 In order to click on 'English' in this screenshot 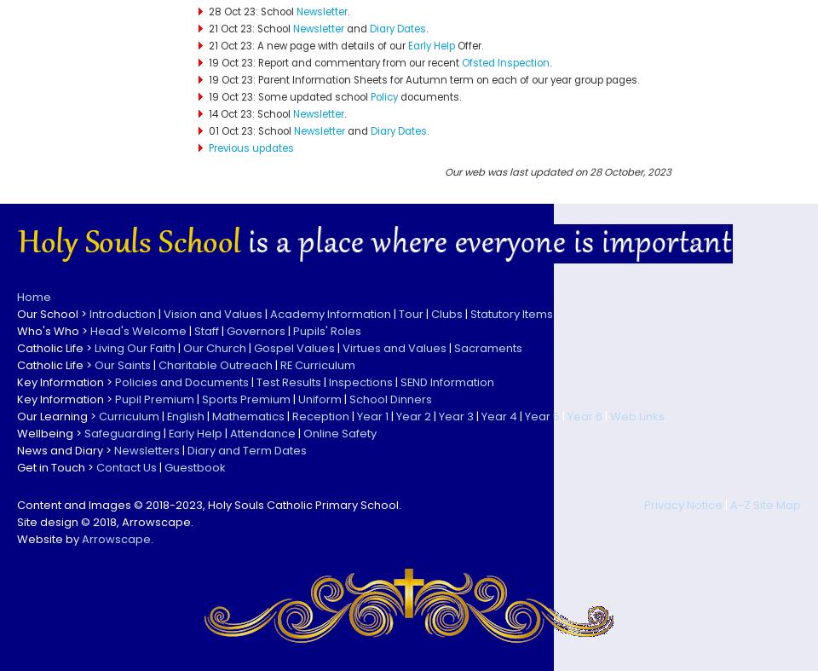, I will do `click(186, 415)`.